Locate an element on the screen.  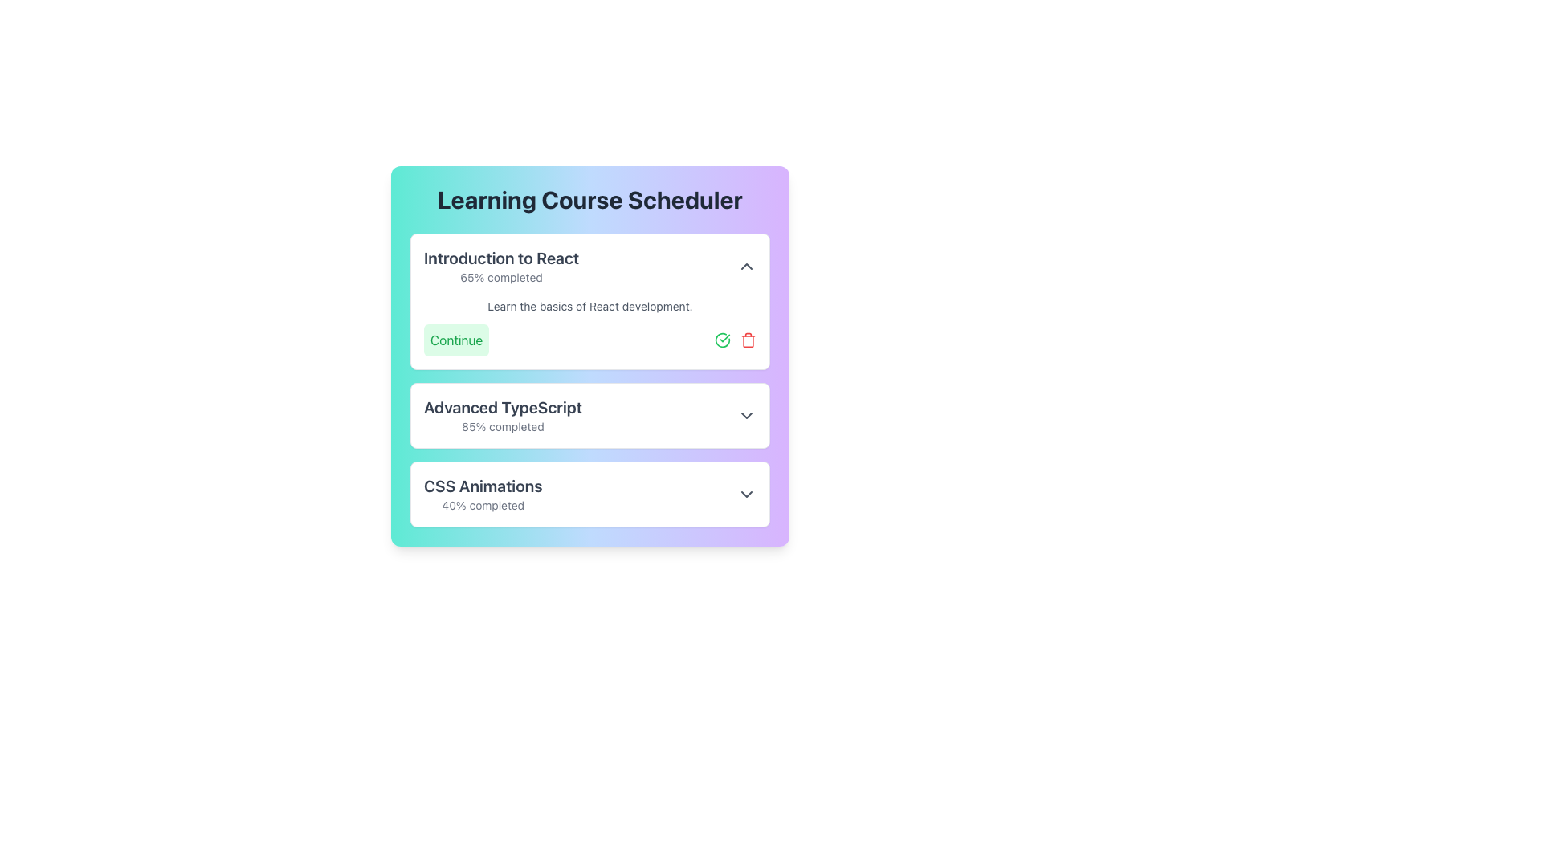
the text label displaying '65% completed' located below the heading 'Introduction to React' is located at coordinates (500, 277).